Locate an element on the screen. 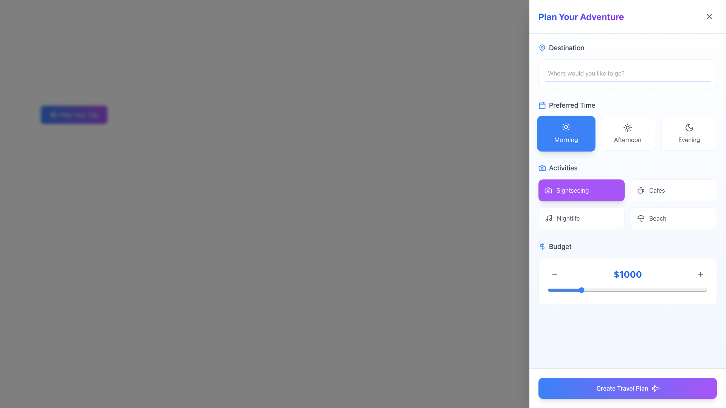 Image resolution: width=726 pixels, height=408 pixels. the camera icon located beside the 'Sightseeing' label in the 'Activities' section is located at coordinates (548, 190).